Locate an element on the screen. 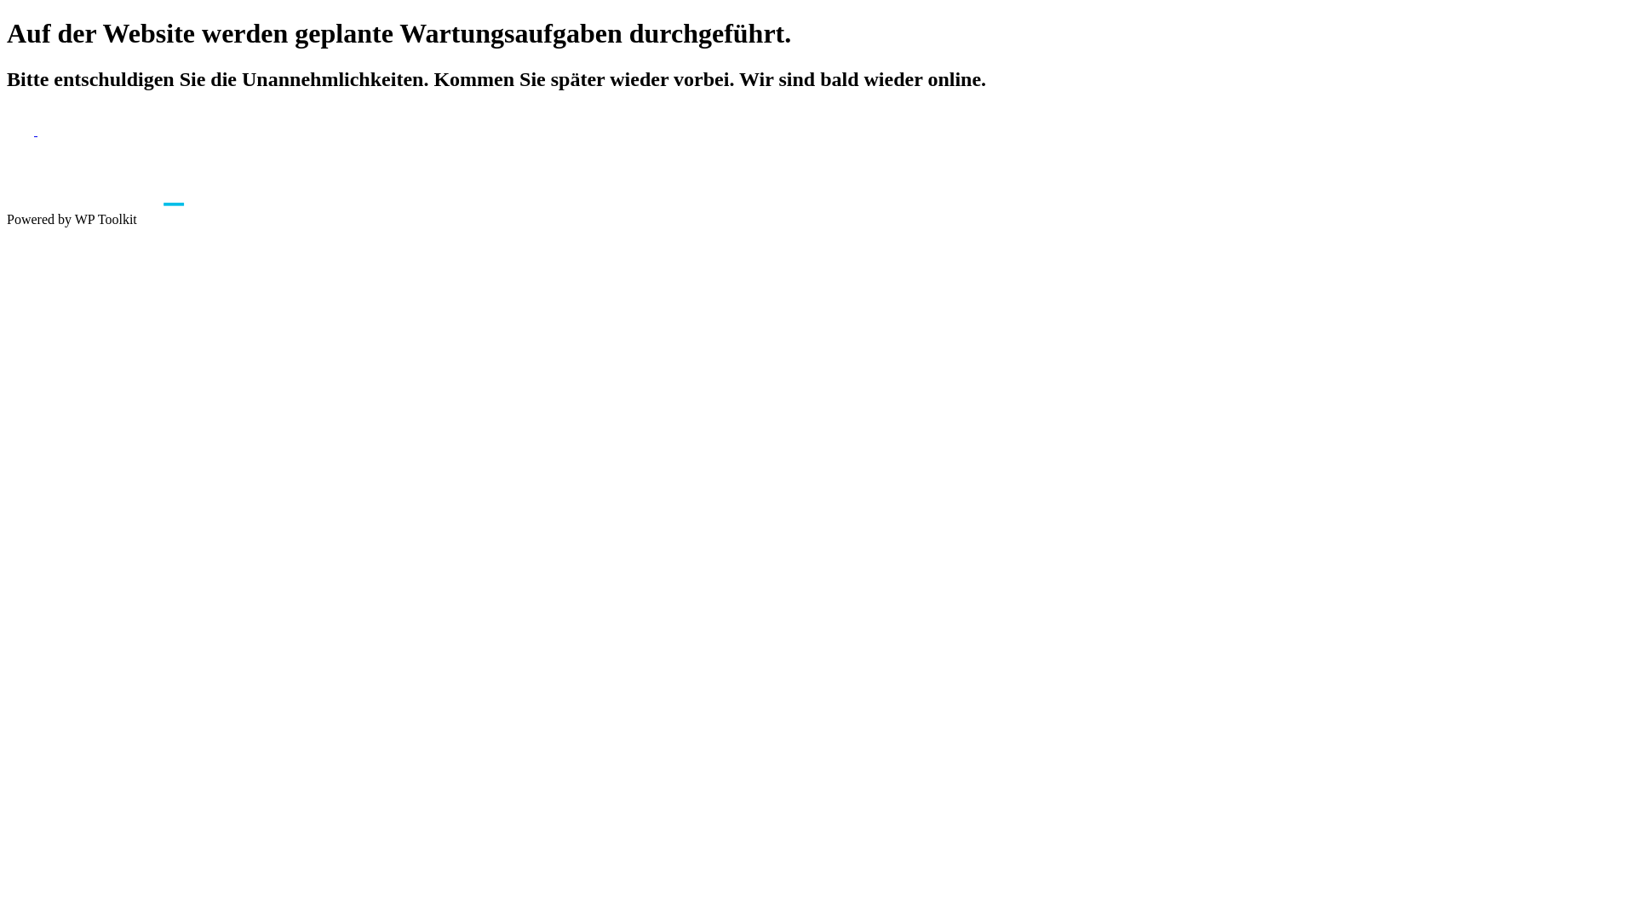 The height and width of the screenshot is (920, 1635). 'Facebook' is located at coordinates (21, 129).